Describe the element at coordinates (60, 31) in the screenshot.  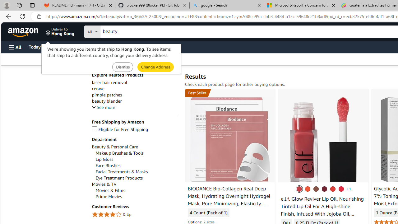
I see `'Deliver to Hong Kong'` at that location.